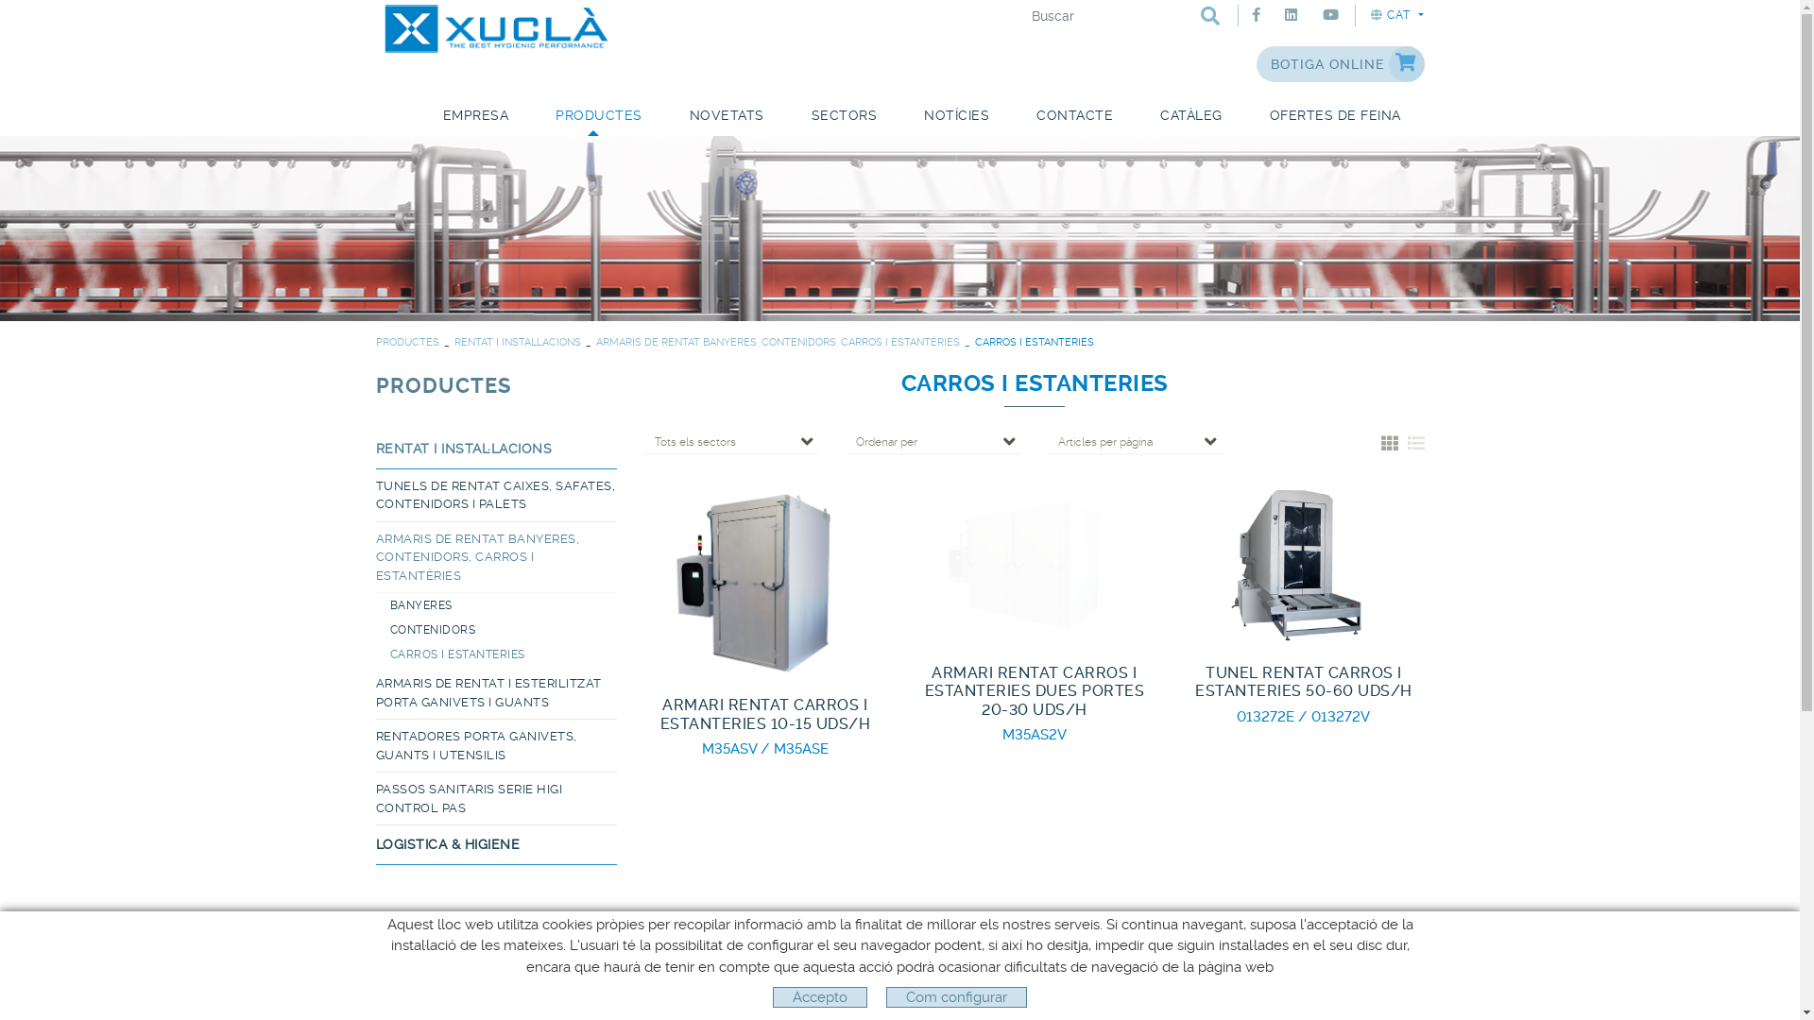 Image resolution: width=1814 pixels, height=1020 pixels. I want to click on 'LOGISTICA & HIGIENE', so click(376, 843).